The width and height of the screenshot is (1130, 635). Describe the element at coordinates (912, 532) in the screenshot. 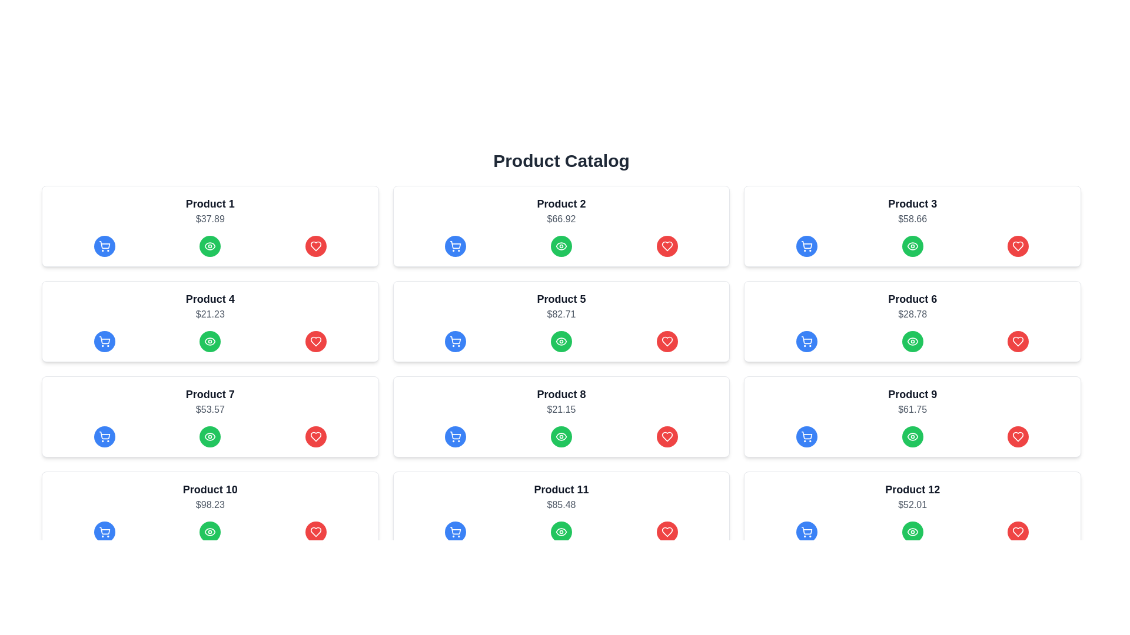

I see `the green circular eye icon located in the action buttons section of the card for 'Product 12' in the fourth column of the product catalog` at that location.